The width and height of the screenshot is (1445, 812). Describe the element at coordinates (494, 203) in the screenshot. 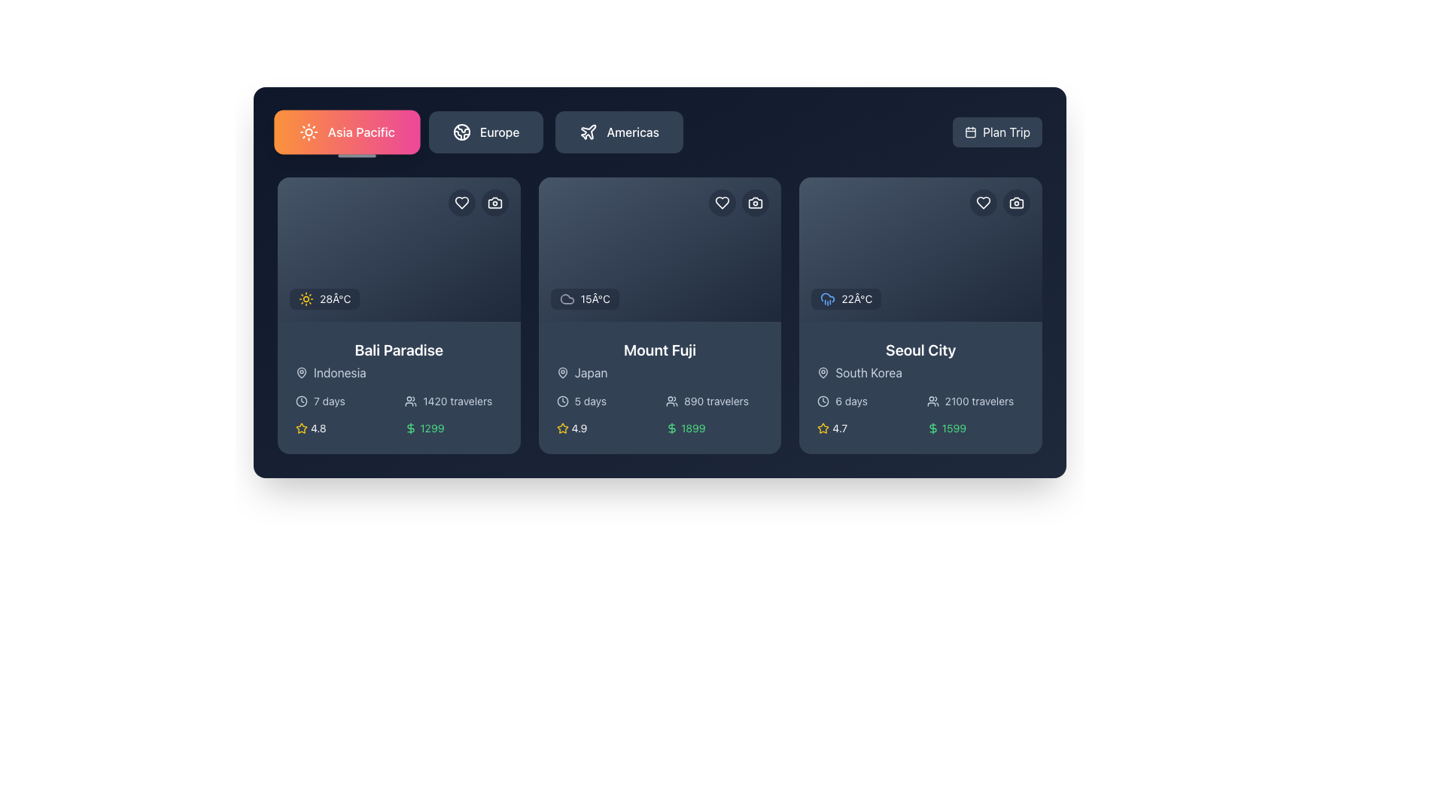

I see `the second circular button from the right at the top-right corner of the card component` at that location.